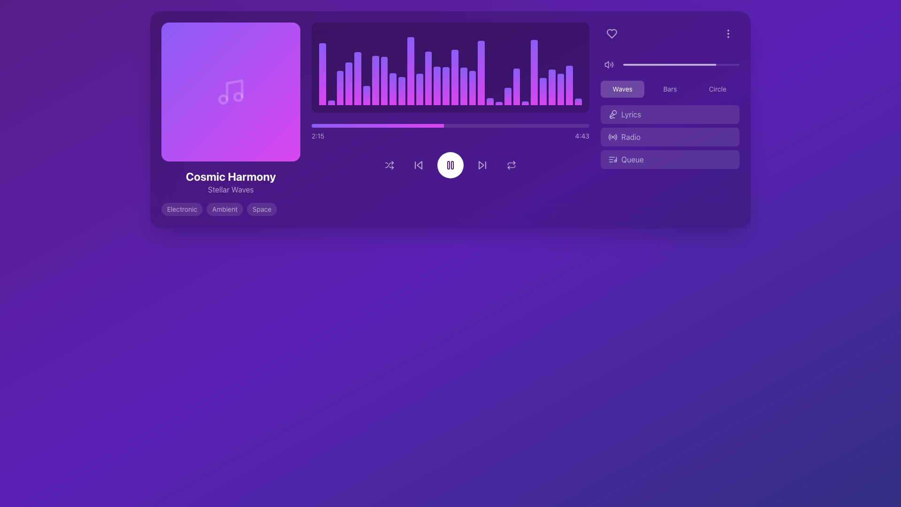  Describe the element at coordinates (230, 182) in the screenshot. I see `title 'Cosmic Harmony' and subtitle 'Stellar Waves' from the text label located below the gradient background area with a musical note icon` at that location.